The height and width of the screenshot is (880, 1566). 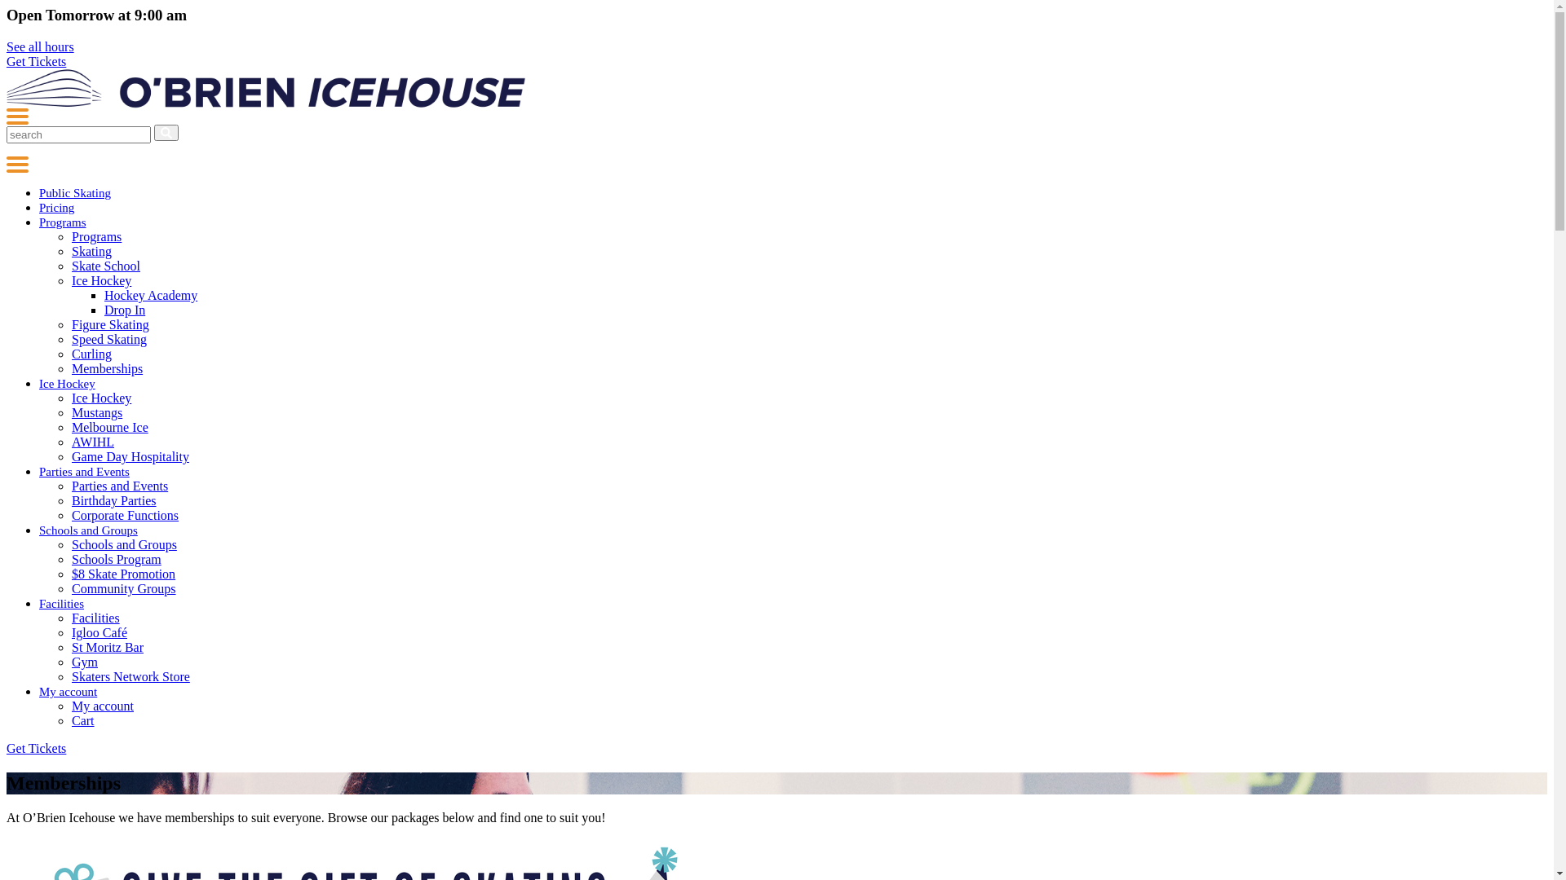 I want to click on 'Game Day Hospitality', so click(x=129, y=456).